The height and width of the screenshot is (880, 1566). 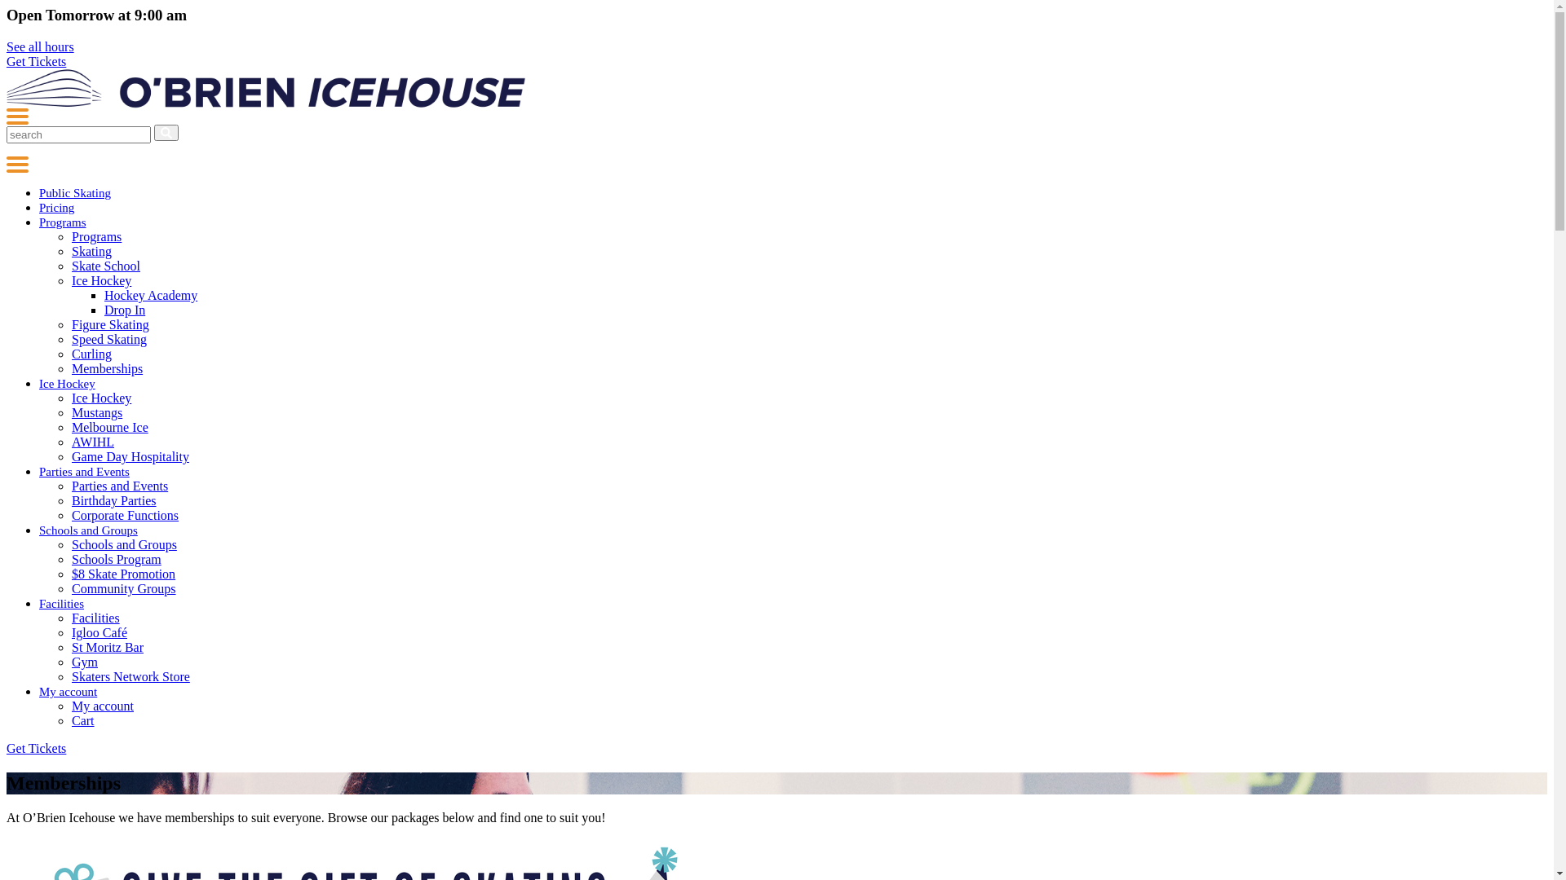 I want to click on 'Game Day Hospitality', so click(x=129, y=456).